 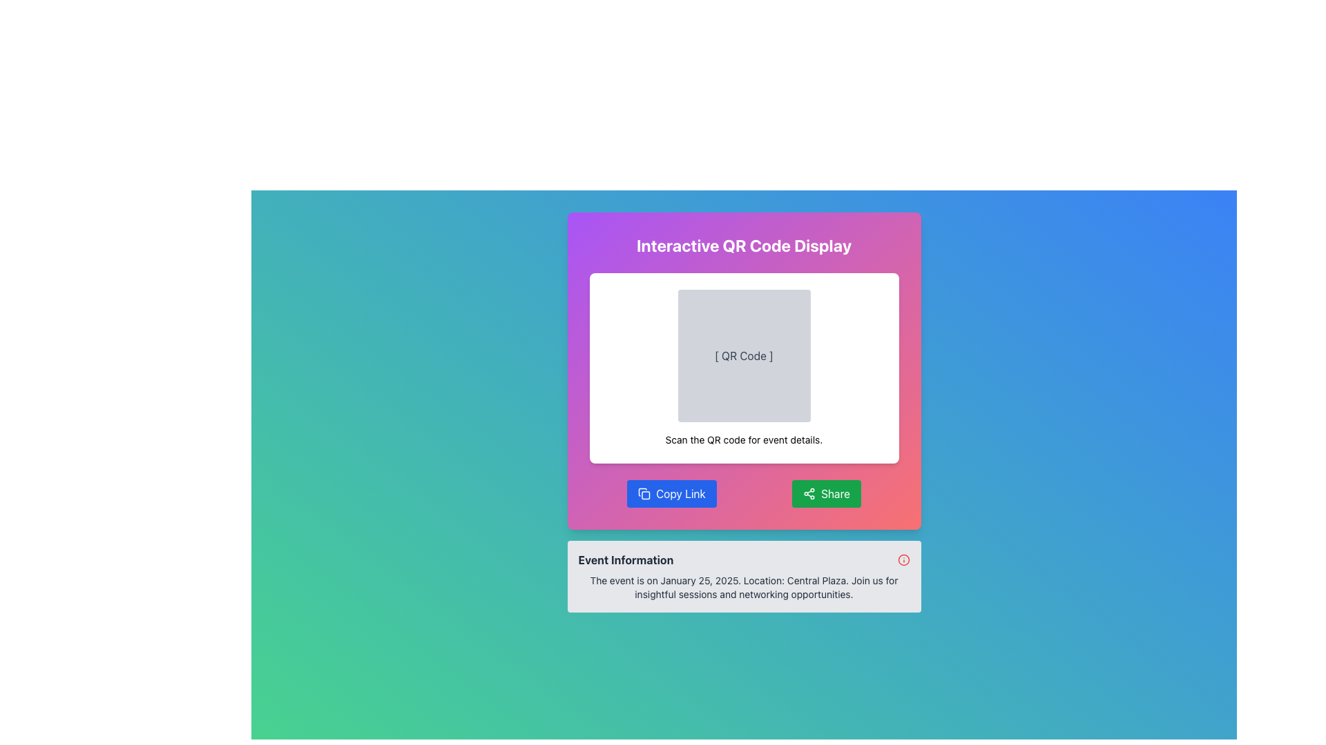 What do you see at coordinates (743, 439) in the screenshot?
I see `the instructional text label located below the QR code graphic` at bounding box center [743, 439].